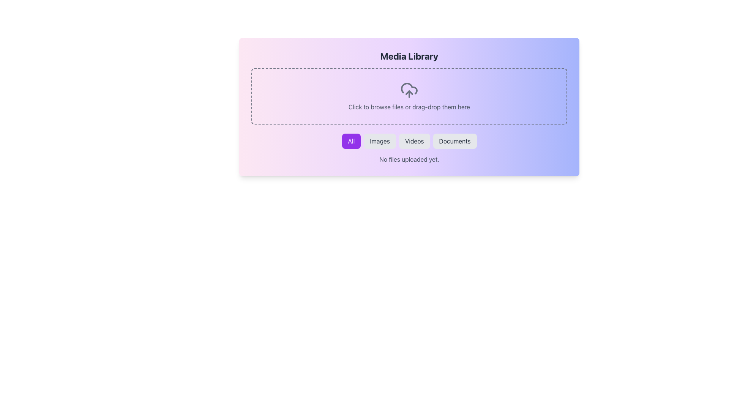 This screenshot has height=410, width=729. I want to click on the 'Videos' button on the navigation bar within the 'Media Library' to filter and view videos, so click(409, 141).